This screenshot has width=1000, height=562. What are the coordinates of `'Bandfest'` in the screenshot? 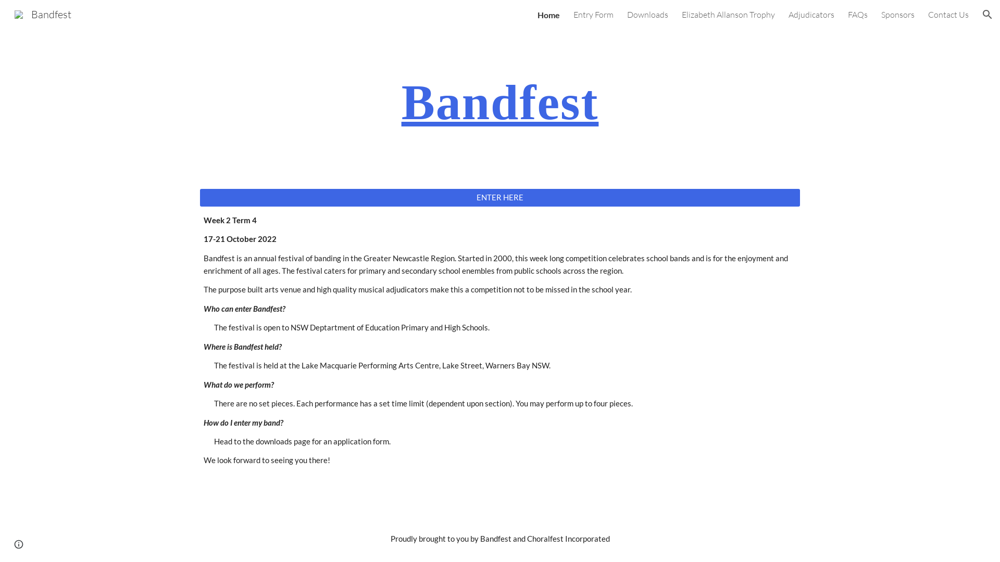 It's located at (500, 102).